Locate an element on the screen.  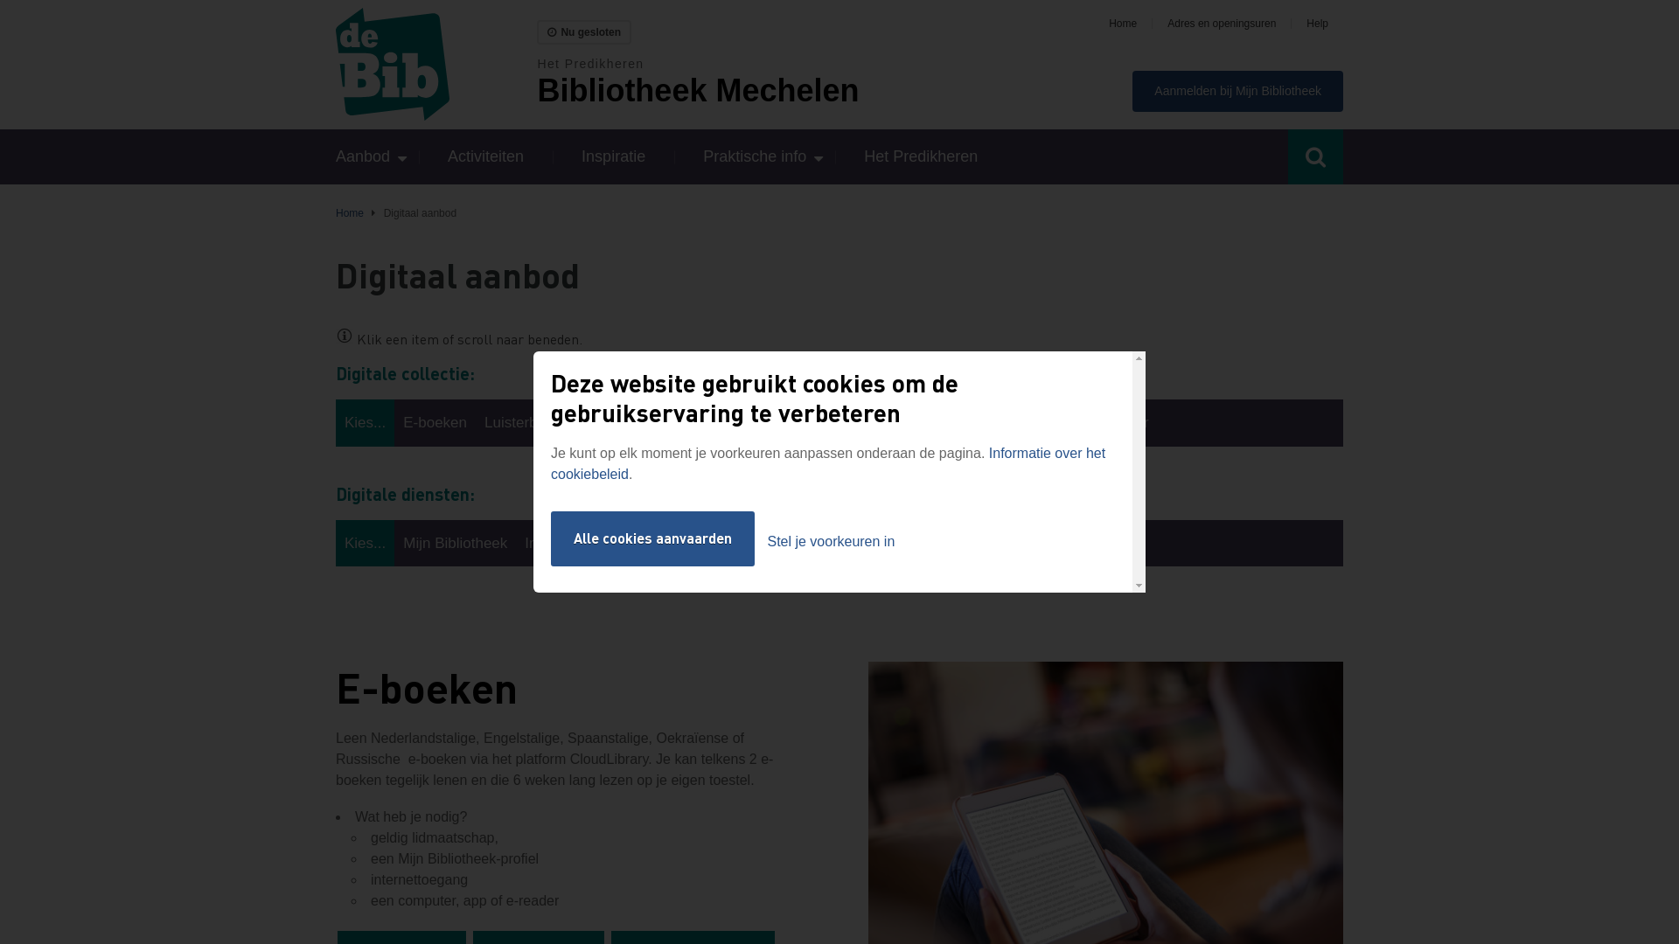
'Luisterboeken (CD)' is located at coordinates (547, 422).